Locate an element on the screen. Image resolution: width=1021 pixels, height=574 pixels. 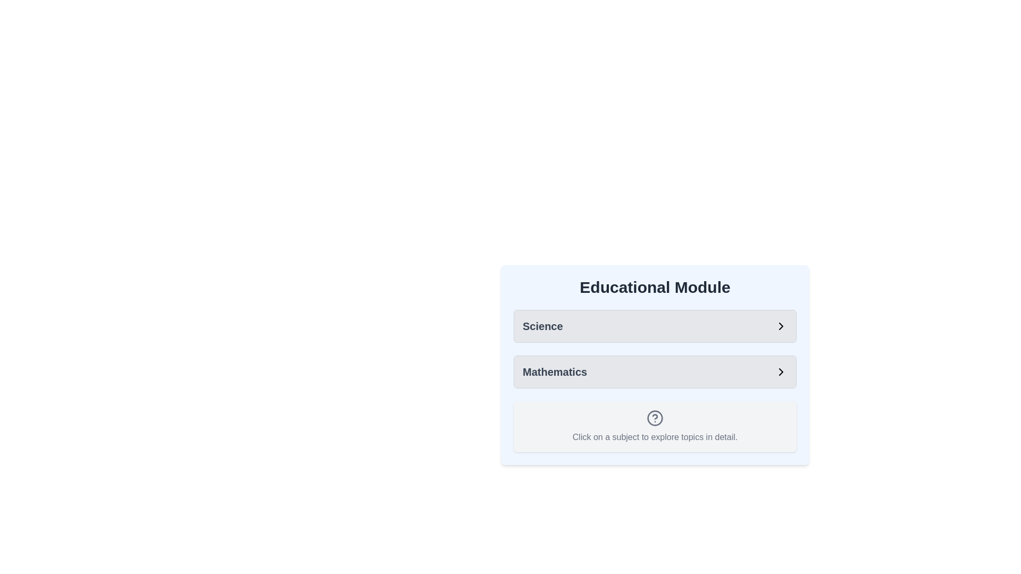
the right-facing chevron arrow icon located on the far right side of the 'Mathematics' row, which indicates a directional or navigation purpose is located at coordinates (781, 371).